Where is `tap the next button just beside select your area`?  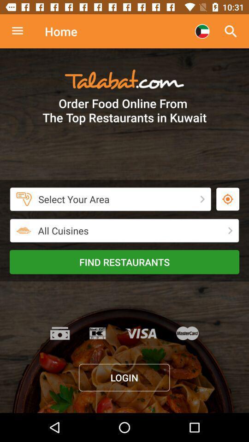
tap the next button just beside select your area is located at coordinates (202, 199).